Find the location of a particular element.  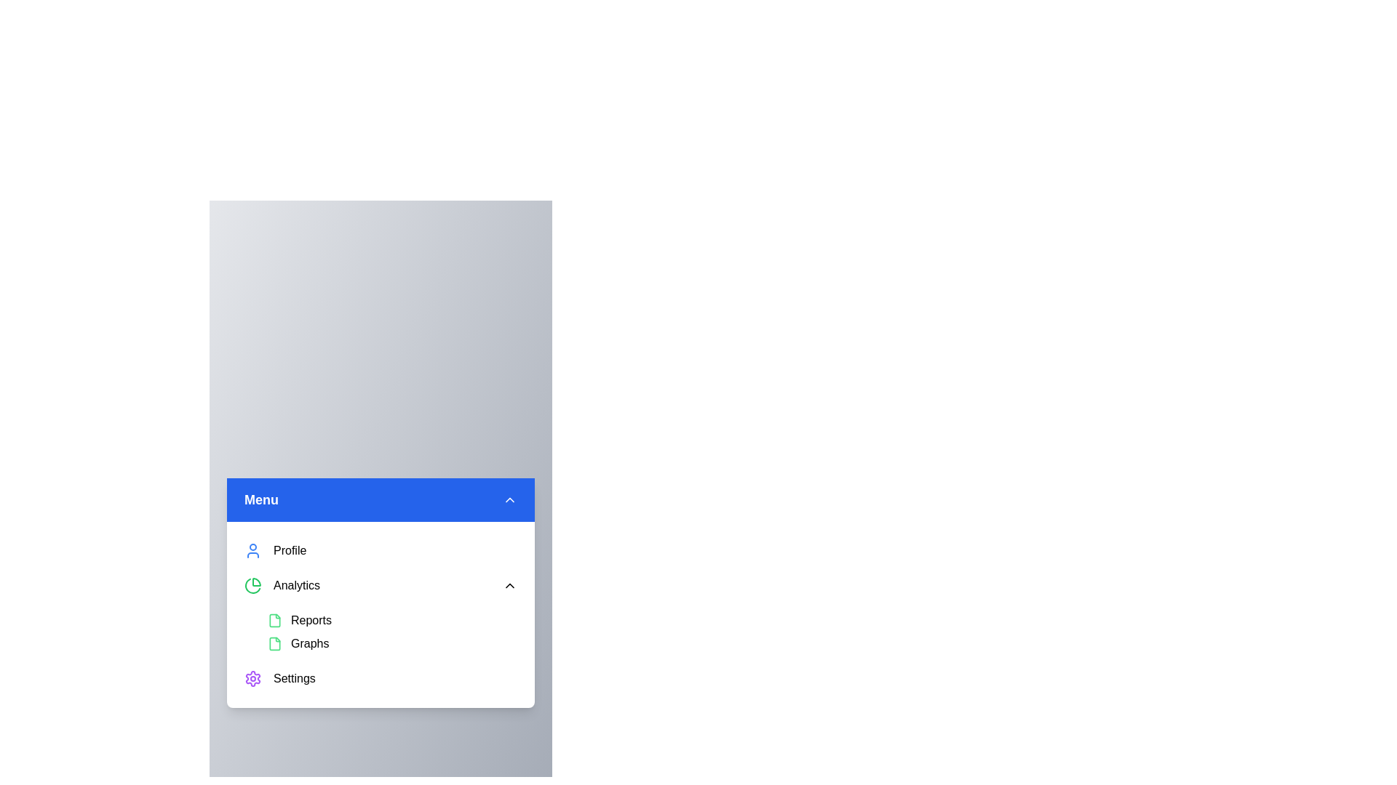

the 'Analytics' text label in the vertical menu is located at coordinates (296, 585).